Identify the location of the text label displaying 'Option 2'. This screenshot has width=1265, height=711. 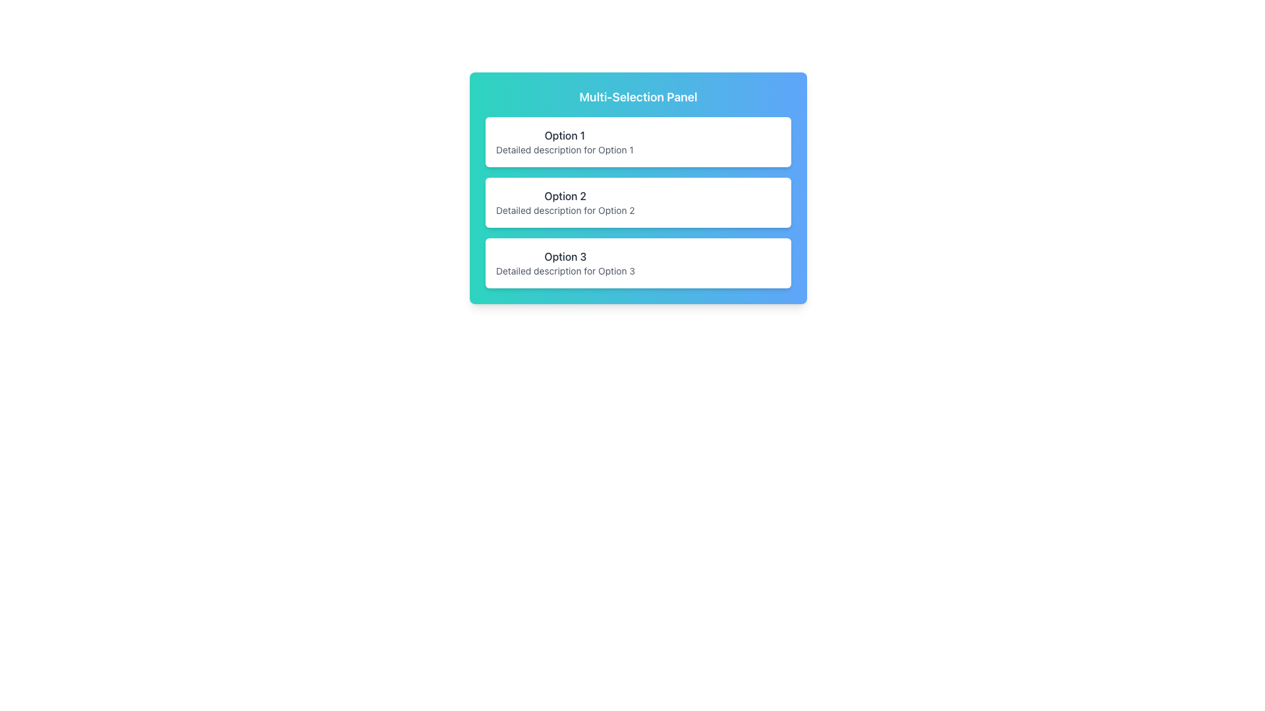
(565, 196).